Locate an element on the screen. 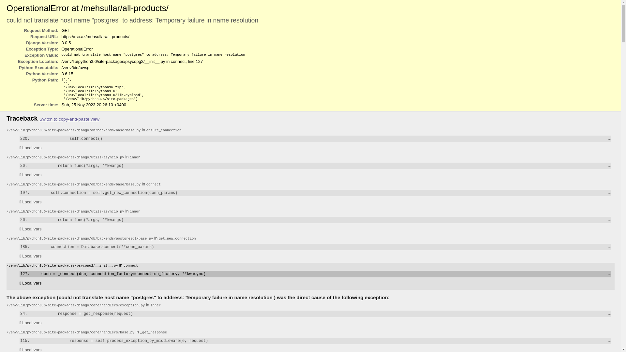  'Switch to copy-and-paste view' is located at coordinates (69, 119).